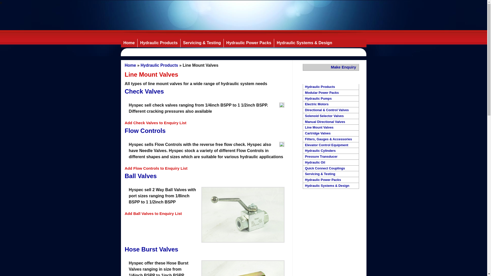 The width and height of the screenshot is (491, 276). I want to click on 'Servicing & Testing', so click(202, 43).